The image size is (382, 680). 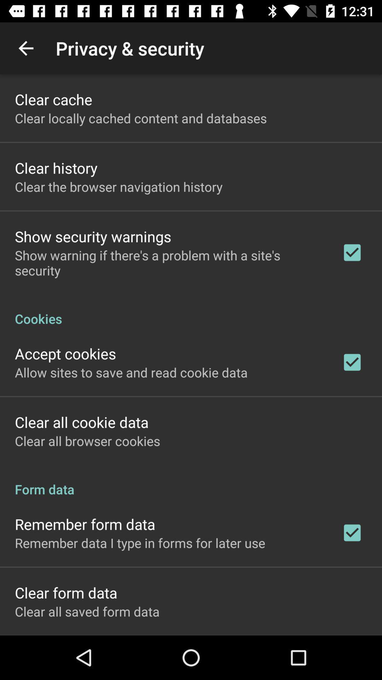 What do you see at coordinates (131, 372) in the screenshot?
I see `icon above clear all cookie item` at bounding box center [131, 372].